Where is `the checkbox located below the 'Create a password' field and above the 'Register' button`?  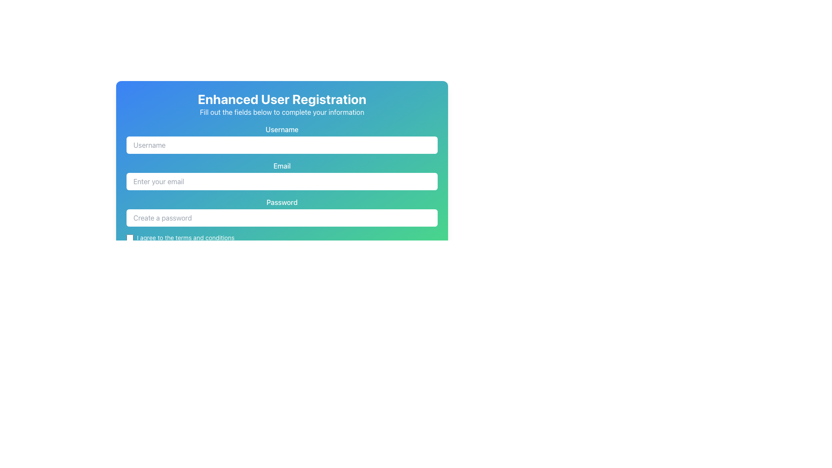 the checkbox located below the 'Create a password' field and above the 'Register' button is located at coordinates (282, 237).